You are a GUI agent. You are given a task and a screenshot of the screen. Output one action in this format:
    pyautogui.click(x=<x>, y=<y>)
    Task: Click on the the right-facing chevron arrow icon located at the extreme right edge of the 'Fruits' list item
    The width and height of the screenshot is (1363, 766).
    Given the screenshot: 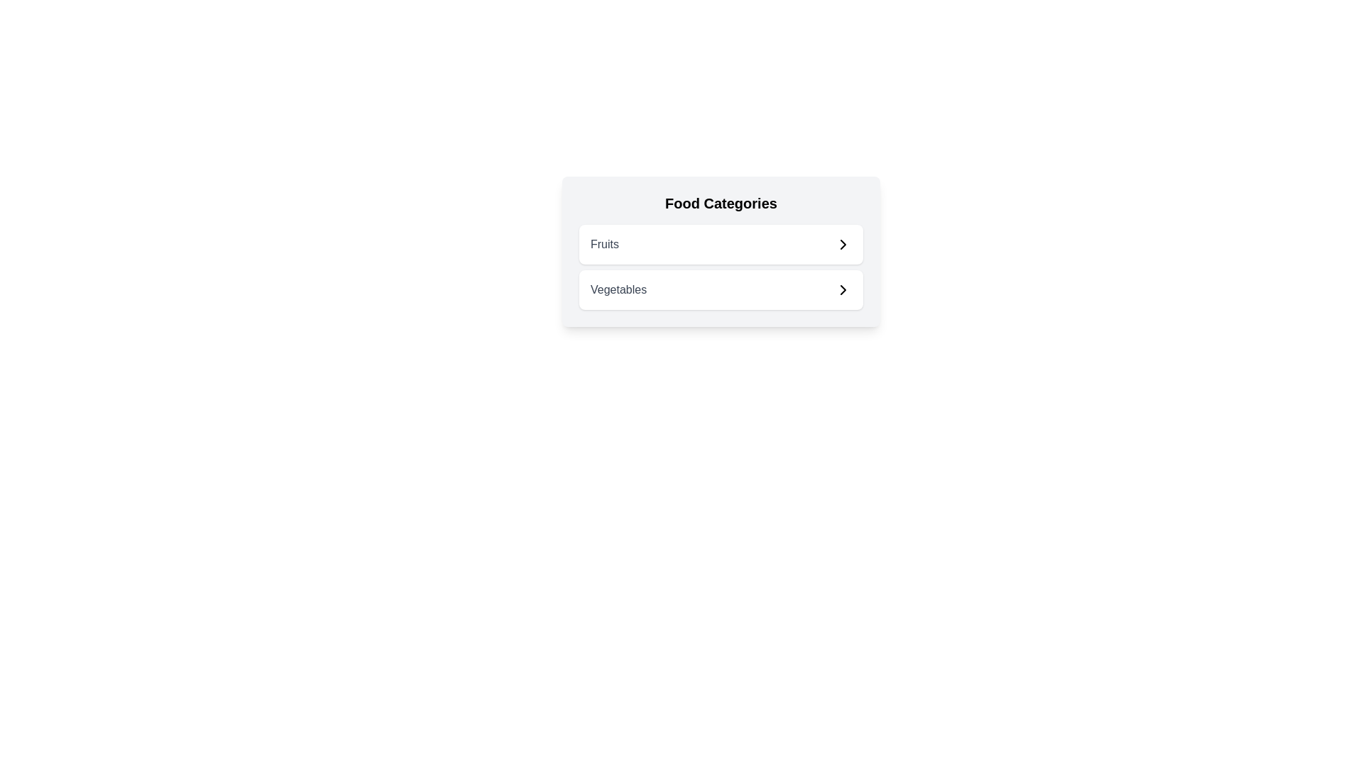 What is the action you would take?
    pyautogui.click(x=843, y=243)
    